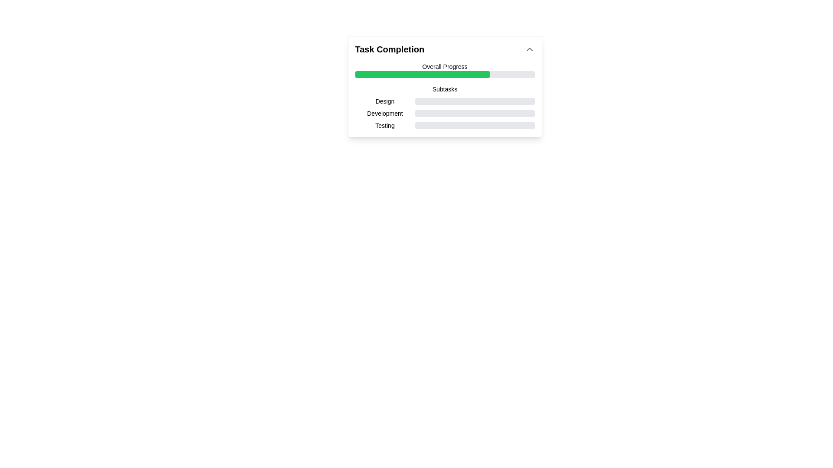 The height and width of the screenshot is (468, 833). Describe the element at coordinates (445, 107) in the screenshot. I see `the Task progress tracker located under the 'Overall Progress' bar` at that location.